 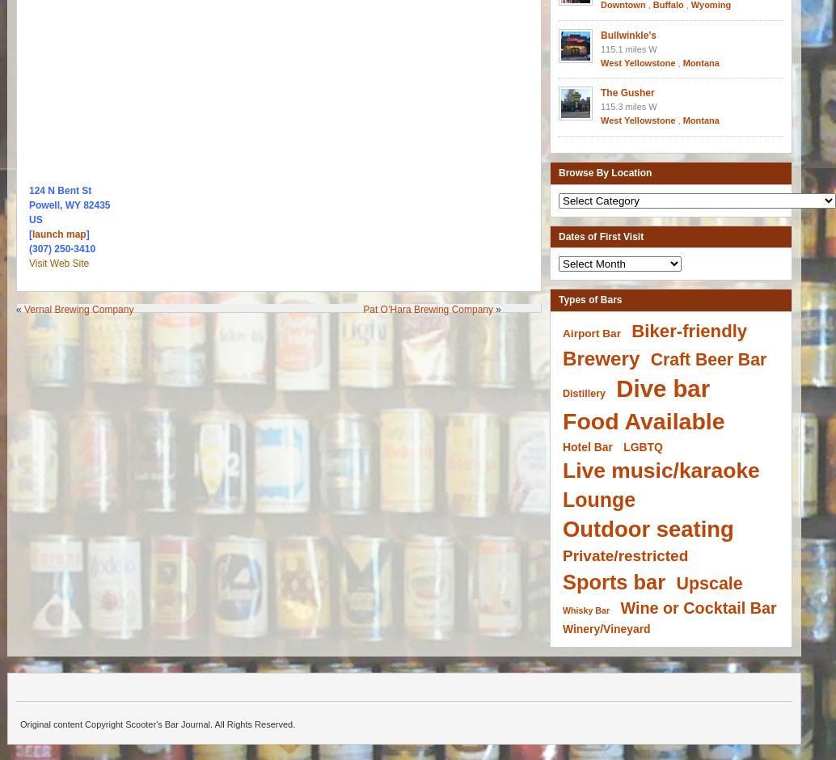 What do you see at coordinates (688, 331) in the screenshot?
I see `'Biker-friendly'` at bounding box center [688, 331].